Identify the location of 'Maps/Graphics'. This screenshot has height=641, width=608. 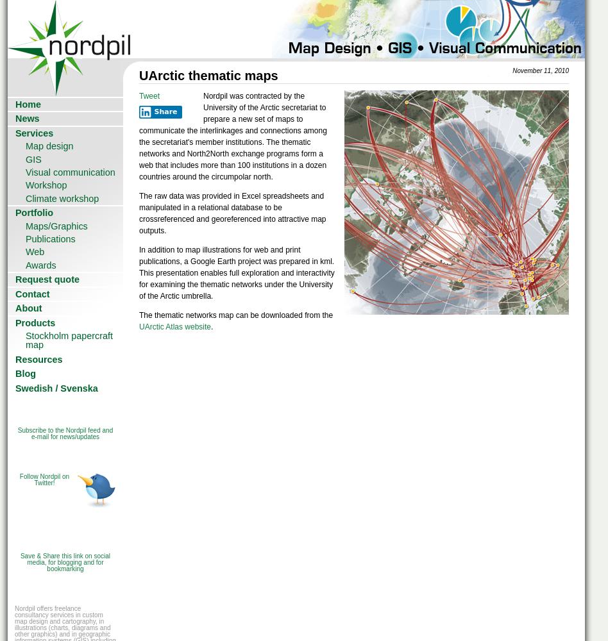
(56, 225).